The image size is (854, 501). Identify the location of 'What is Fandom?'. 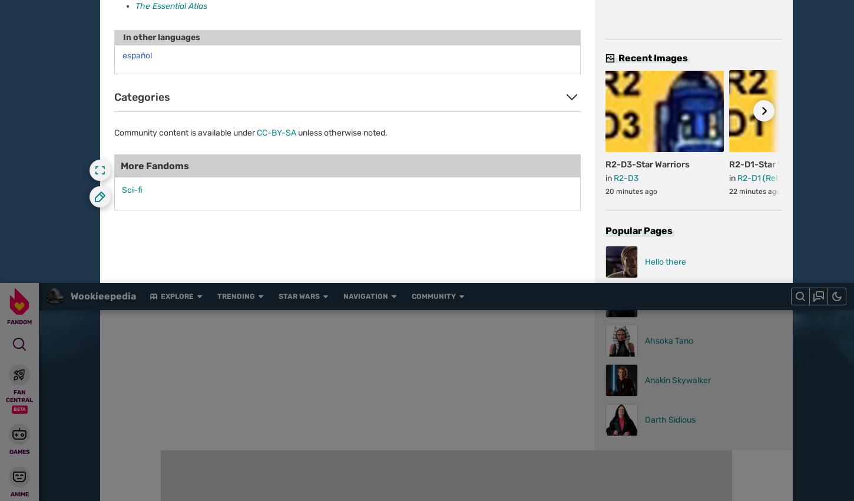
(304, 493).